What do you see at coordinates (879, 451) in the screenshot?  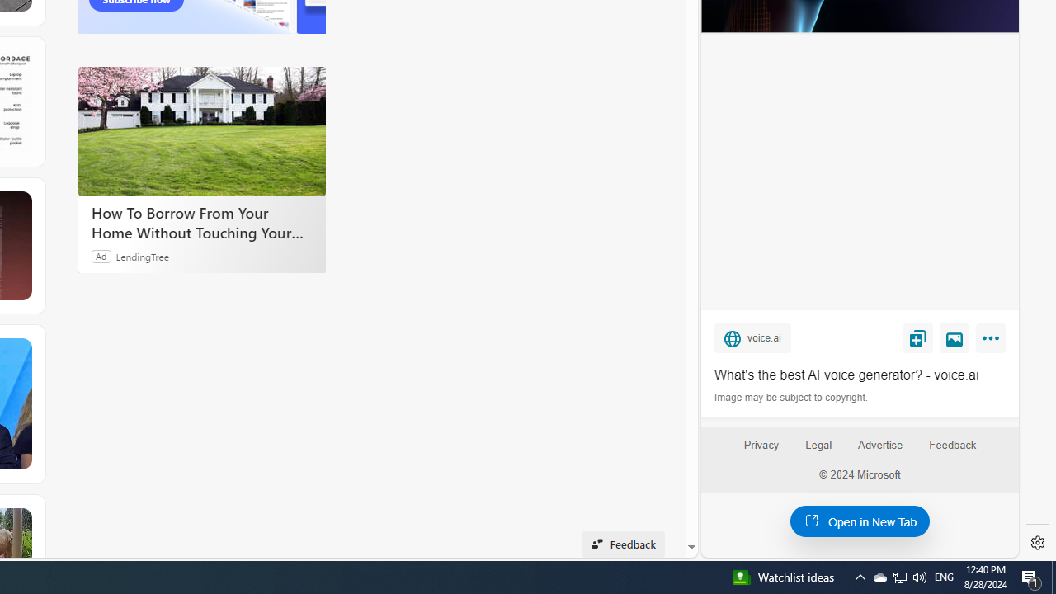 I see `'Advertise'` at bounding box center [879, 451].